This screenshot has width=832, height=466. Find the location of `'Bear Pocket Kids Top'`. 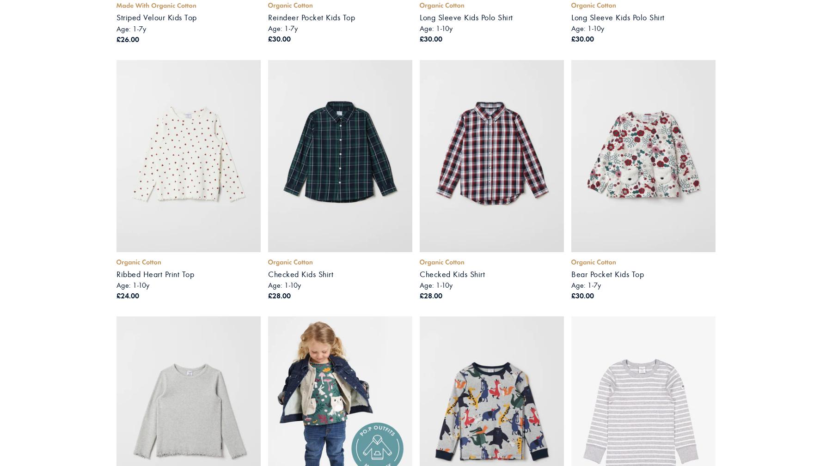

'Bear Pocket Kids Top' is located at coordinates (607, 274).